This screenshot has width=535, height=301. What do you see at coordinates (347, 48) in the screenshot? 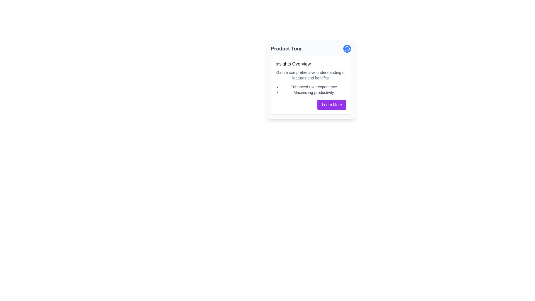
I see `the circular blue button with a white icon located next to the 'Product Tour' heading` at bounding box center [347, 48].